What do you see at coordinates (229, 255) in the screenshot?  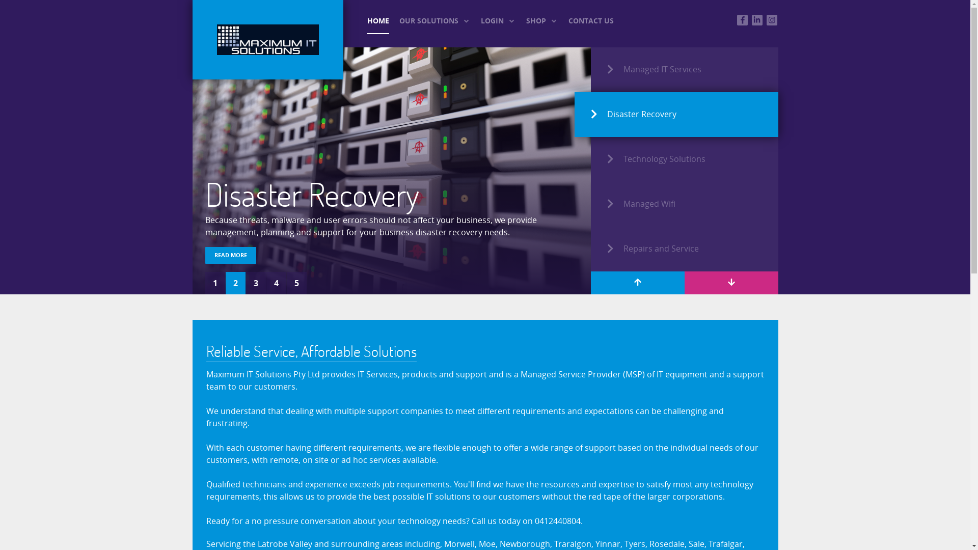 I see `'READ MORE'` at bounding box center [229, 255].